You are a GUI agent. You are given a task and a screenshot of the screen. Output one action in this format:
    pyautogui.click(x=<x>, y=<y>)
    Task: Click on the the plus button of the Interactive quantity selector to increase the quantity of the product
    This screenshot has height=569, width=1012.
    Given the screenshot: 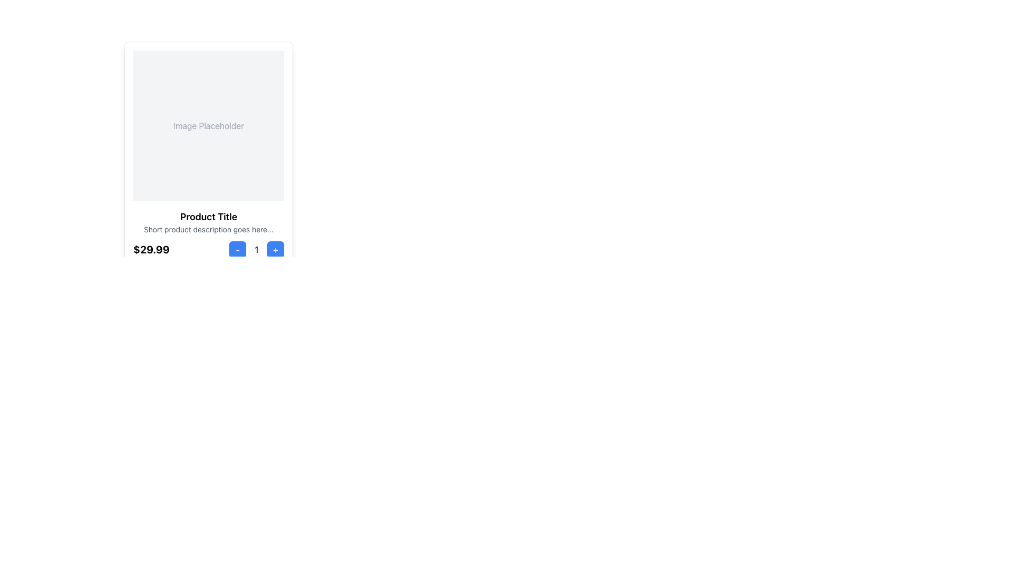 What is the action you would take?
    pyautogui.click(x=256, y=250)
    